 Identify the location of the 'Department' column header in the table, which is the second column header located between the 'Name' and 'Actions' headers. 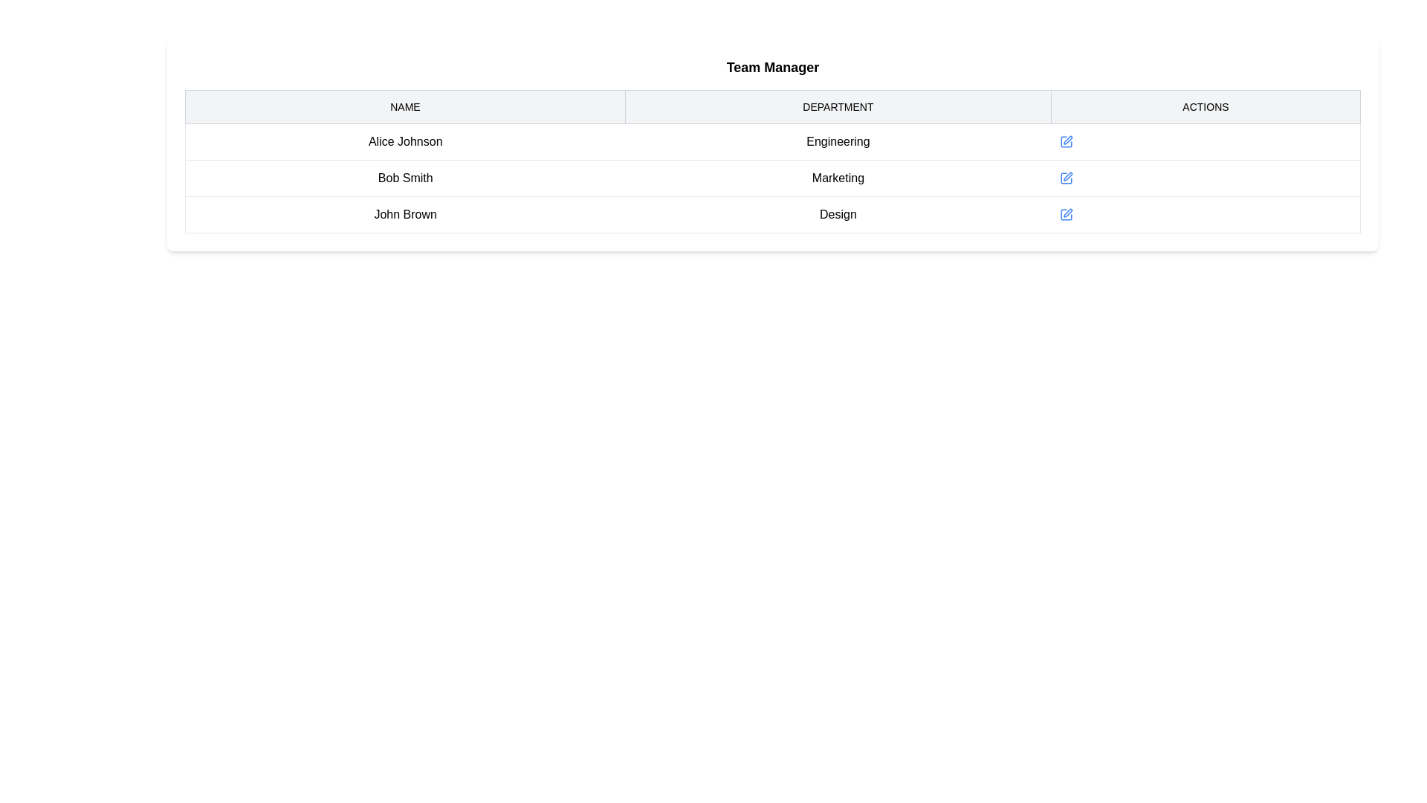
(838, 106).